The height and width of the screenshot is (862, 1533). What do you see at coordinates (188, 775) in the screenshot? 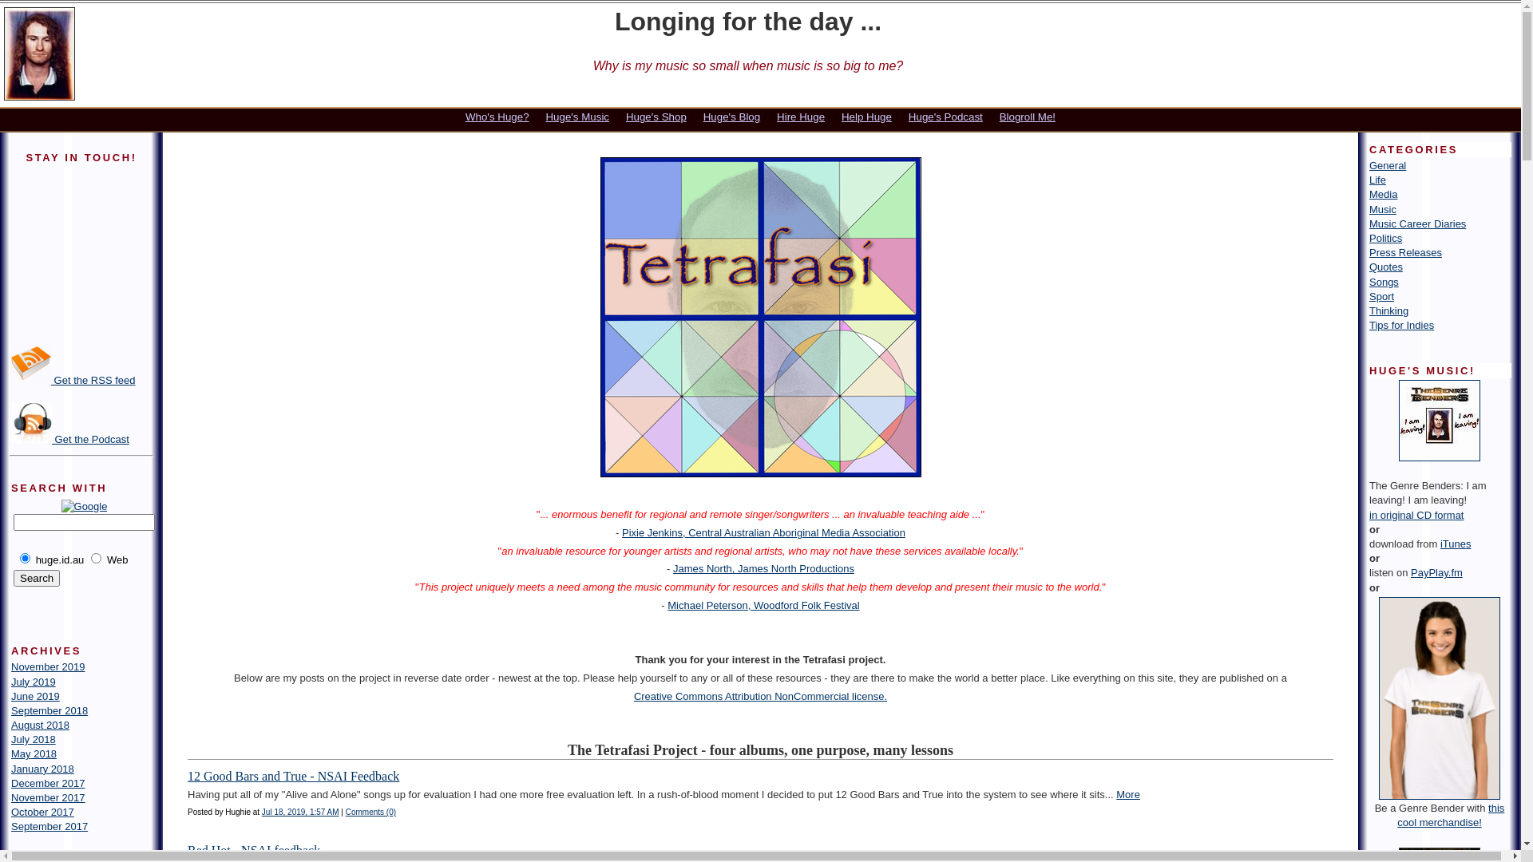
I see `'12 Good Bars and True - NSAI Feedback'` at bounding box center [188, 775].